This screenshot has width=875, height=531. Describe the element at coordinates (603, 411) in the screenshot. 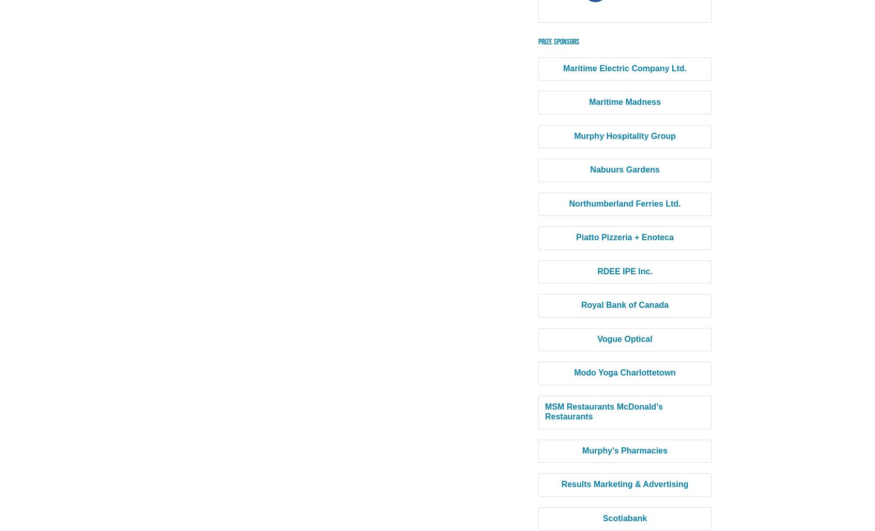

I see `'MSM Restaurants McDonald's Restaurants'` at that location.